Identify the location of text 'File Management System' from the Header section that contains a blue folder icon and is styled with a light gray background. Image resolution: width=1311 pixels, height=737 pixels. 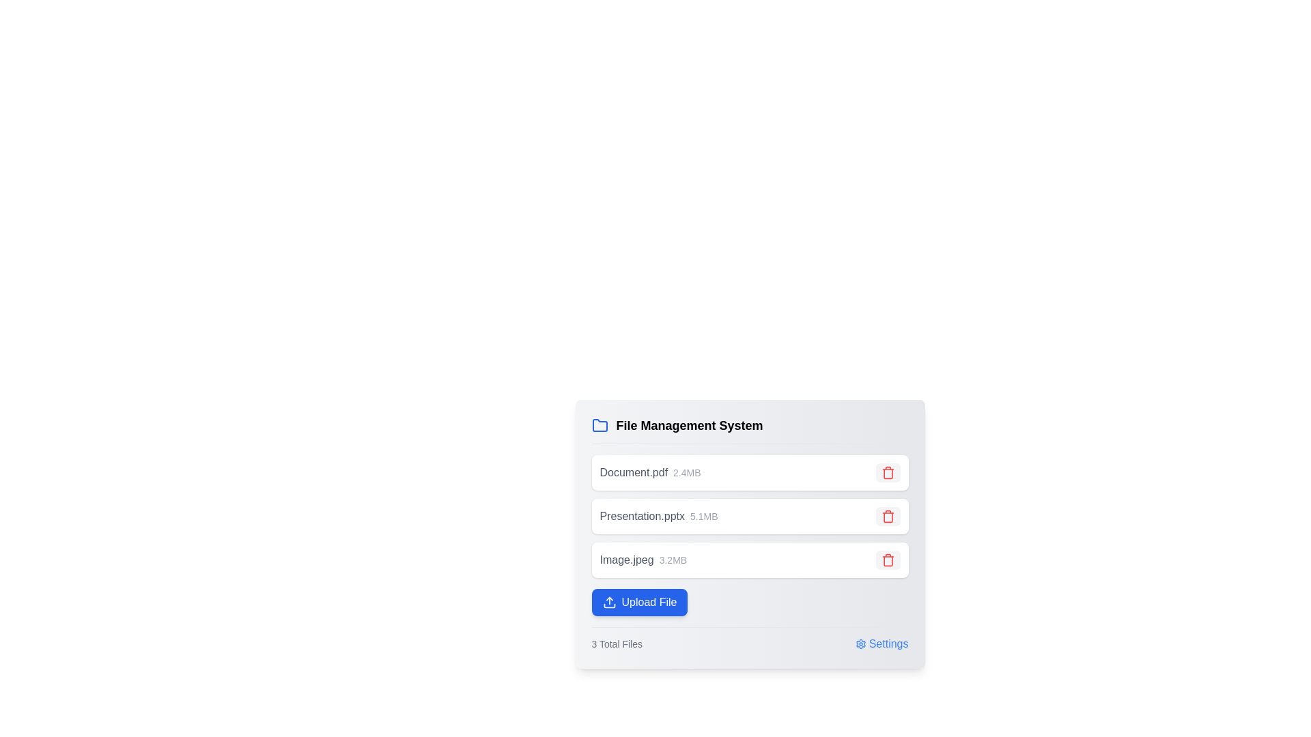
(749, 430).